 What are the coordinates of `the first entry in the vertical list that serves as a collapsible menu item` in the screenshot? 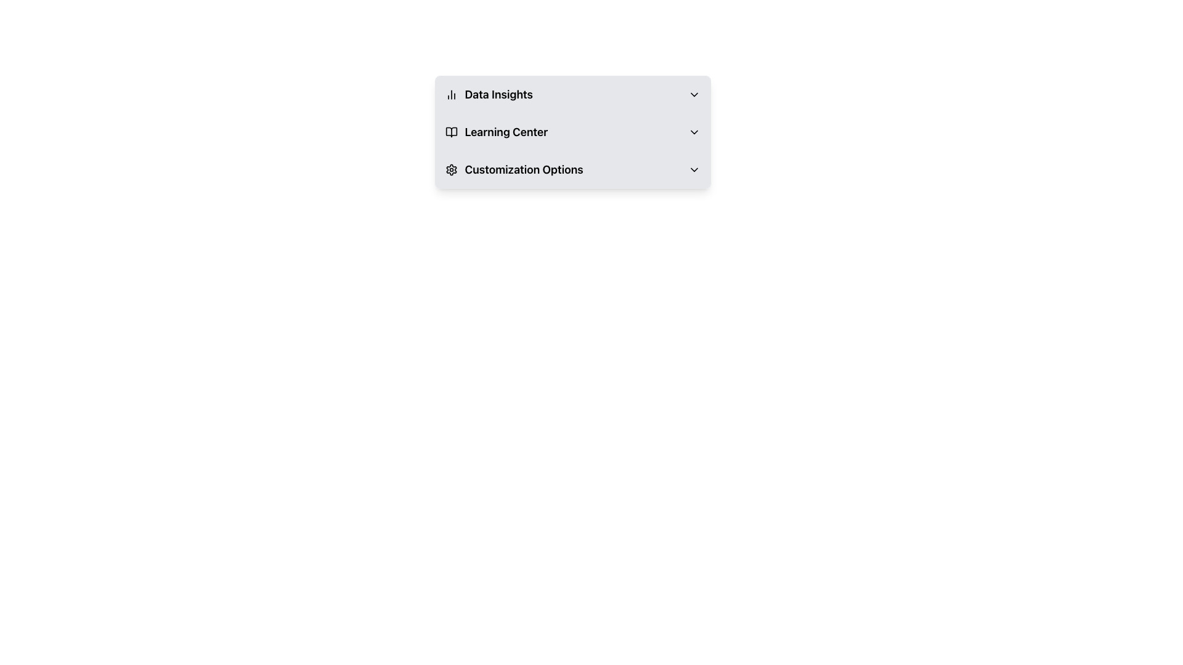 It's located at (572, 94).